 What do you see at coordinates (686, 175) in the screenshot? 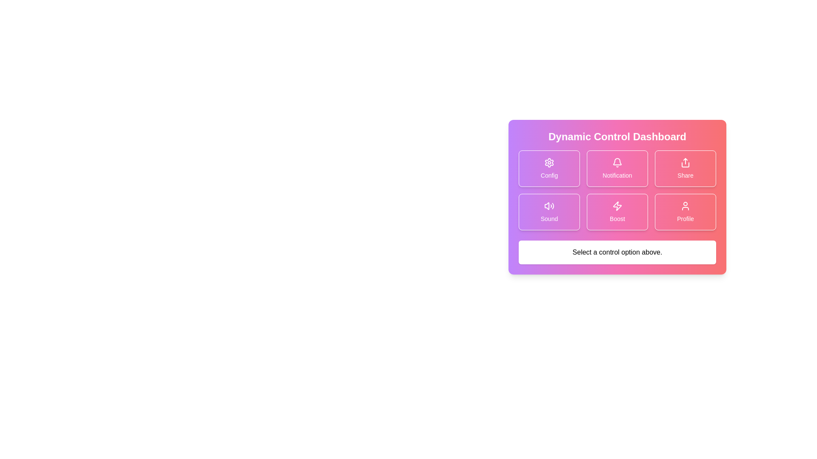
I see `the 'Share' Text Label which indicates the functionality of the share button in the Dynamic Control Dashboard` at bounding box center [686, 175].